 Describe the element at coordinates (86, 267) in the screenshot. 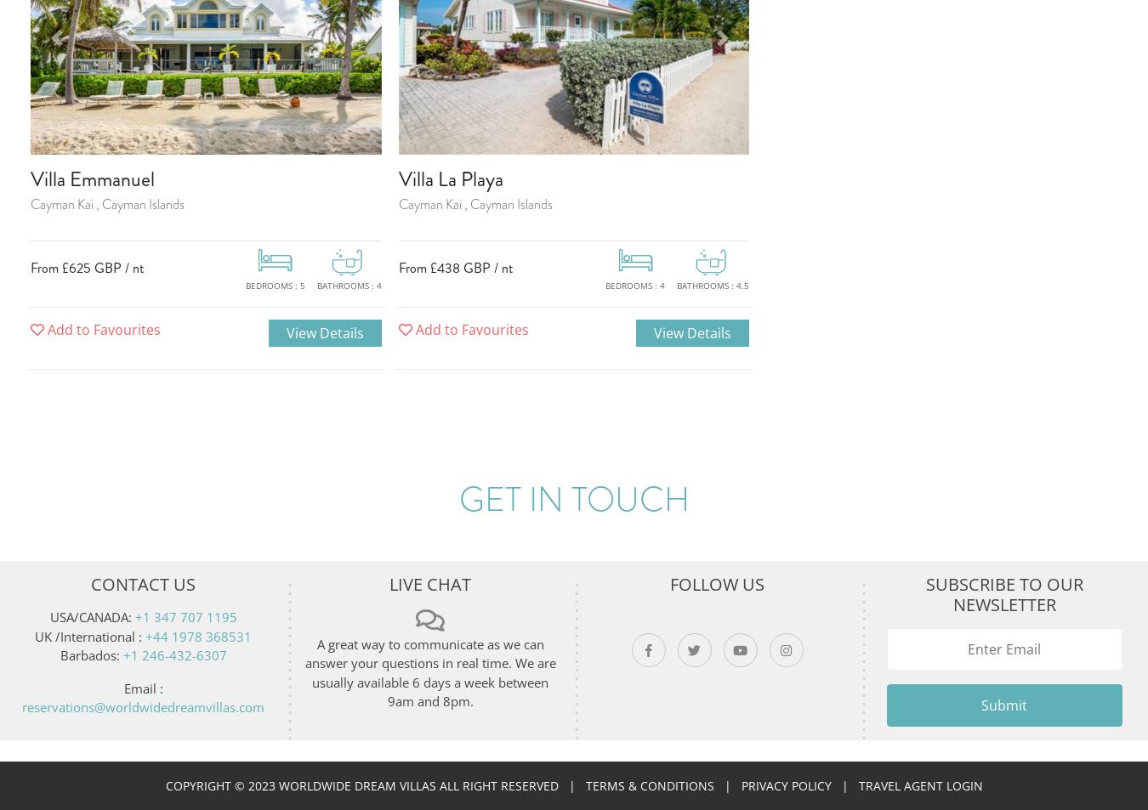

I see `'From £625 GBP / nt'` at that location.